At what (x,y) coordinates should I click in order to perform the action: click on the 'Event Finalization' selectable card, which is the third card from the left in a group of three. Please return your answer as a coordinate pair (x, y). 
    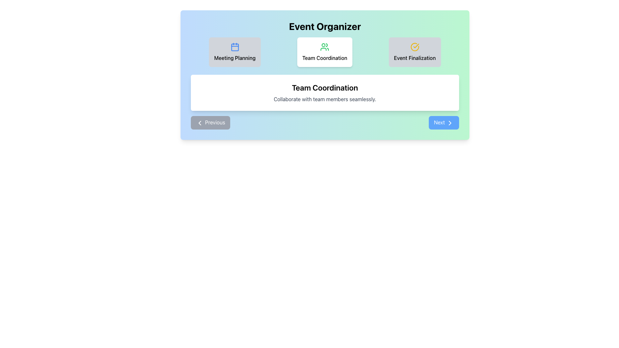
    Looking at the image, I should click on (415, 52).